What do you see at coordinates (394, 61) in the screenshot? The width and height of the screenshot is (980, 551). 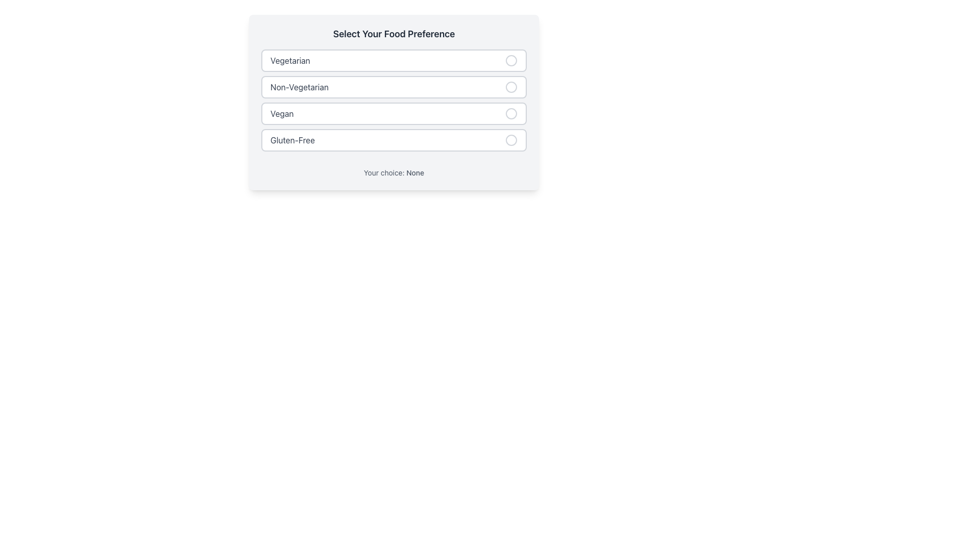 I see `the first selectable list item labeled 'Vegetarian'` at bounding box center [394, 61].